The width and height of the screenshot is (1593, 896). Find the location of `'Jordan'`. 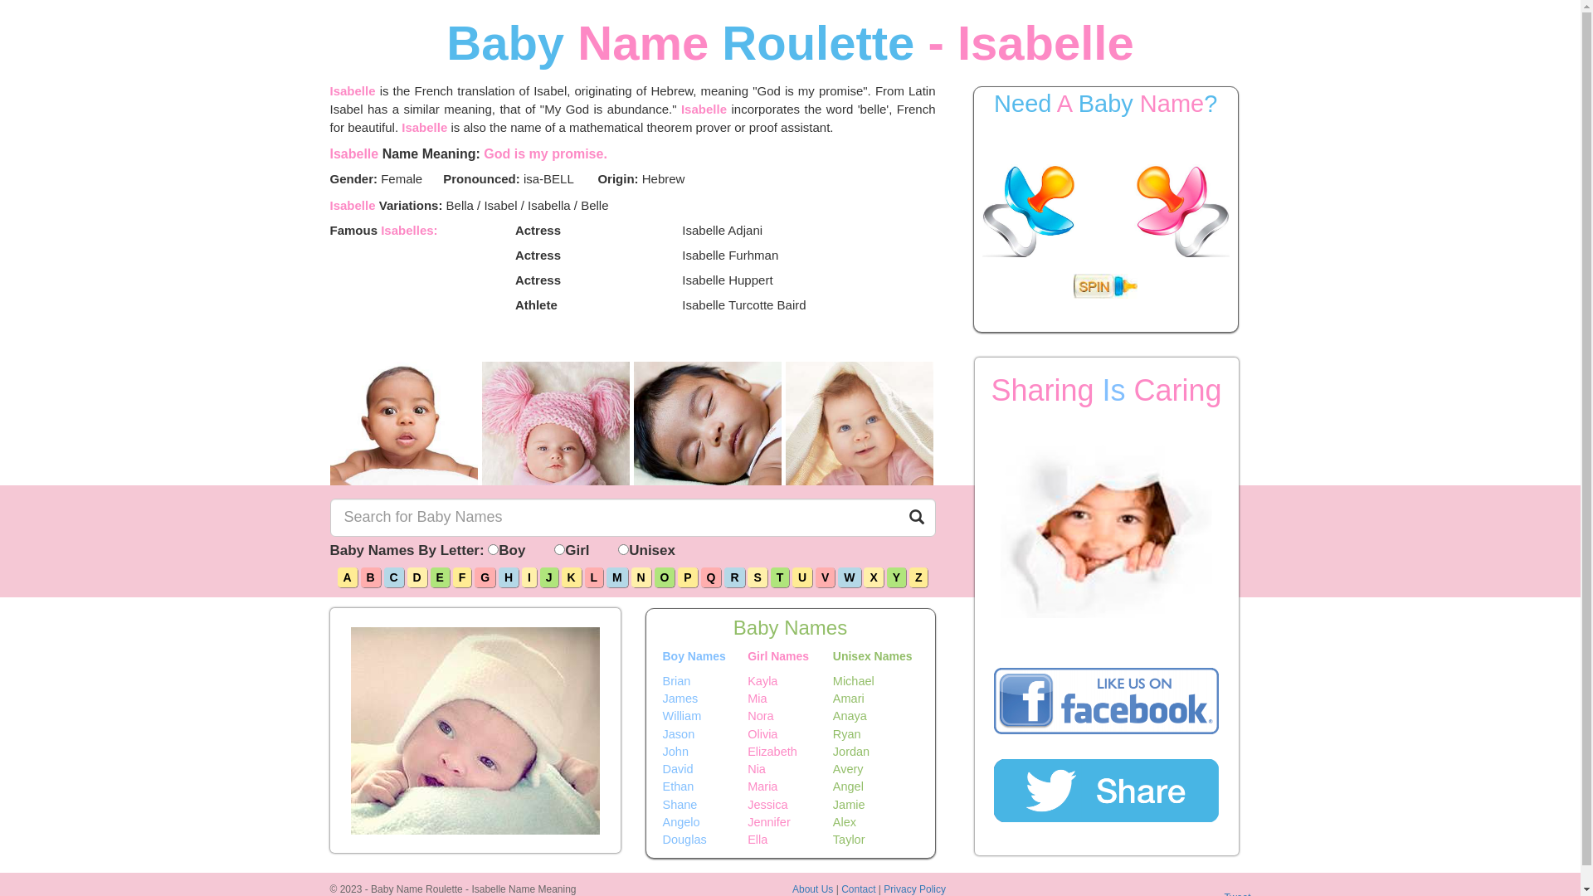

'Jordan' is located at coordinates (874, 752).